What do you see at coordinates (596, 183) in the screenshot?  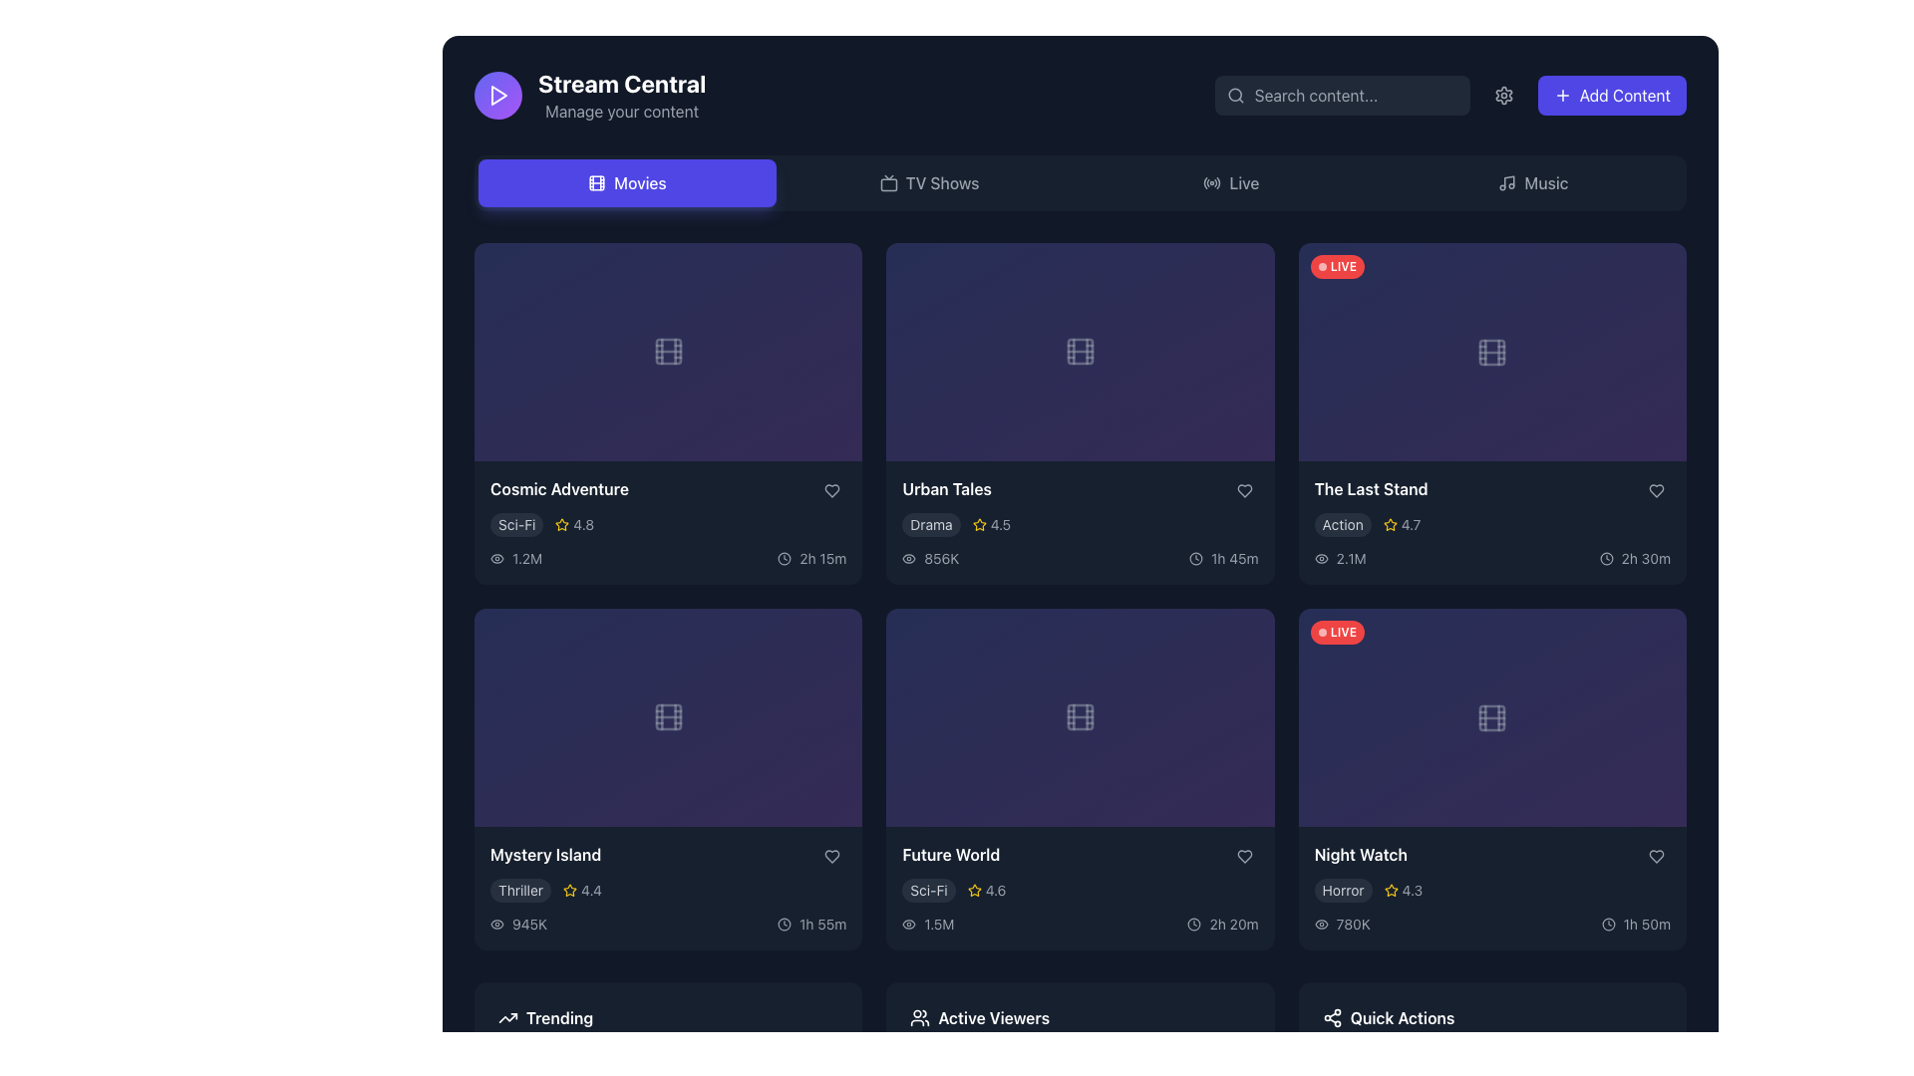 I see `the SVG icon resembling a film strip, which is positioned to the left of the 'Movies' button in the navigation bar` at bounding box center [596, 183].